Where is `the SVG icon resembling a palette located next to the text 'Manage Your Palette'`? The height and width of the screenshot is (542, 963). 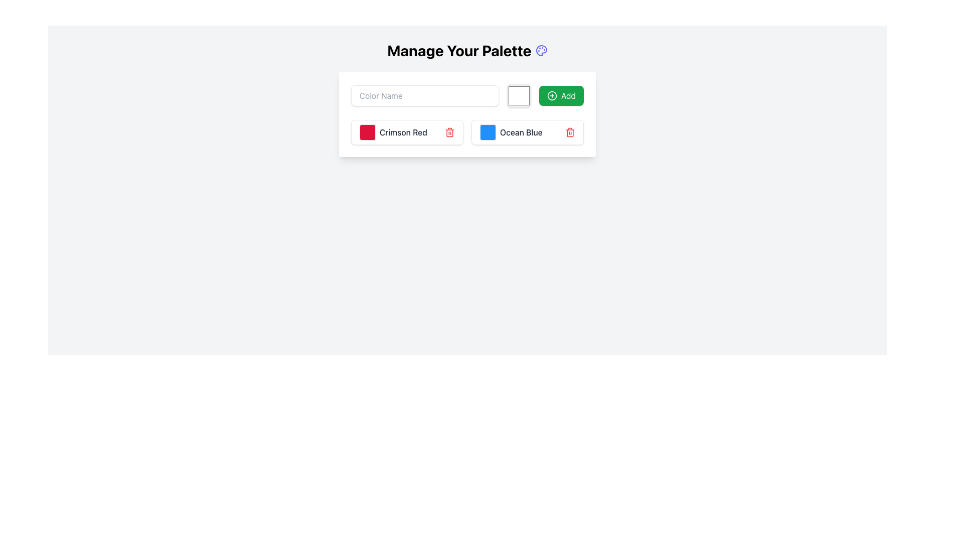
the SVG icon resembling a palette located next to the text 'Manage Your Palette' is located at coordinates (541, 50).